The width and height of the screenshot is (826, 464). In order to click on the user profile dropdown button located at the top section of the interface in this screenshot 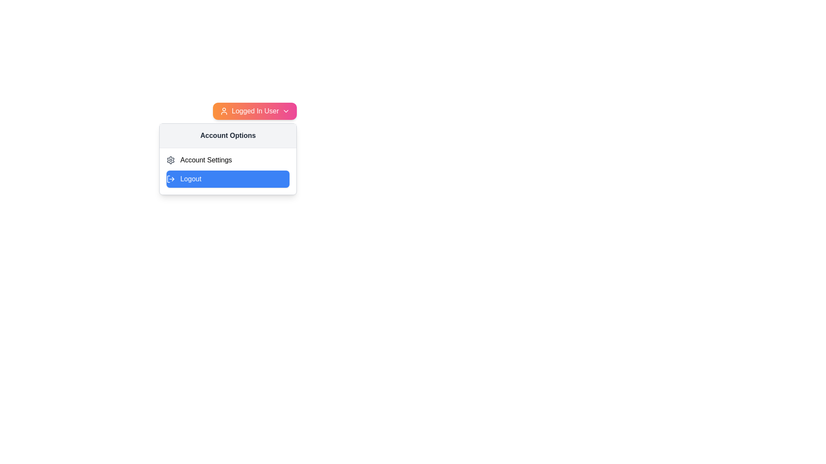, I will do `click(254, 110)`.